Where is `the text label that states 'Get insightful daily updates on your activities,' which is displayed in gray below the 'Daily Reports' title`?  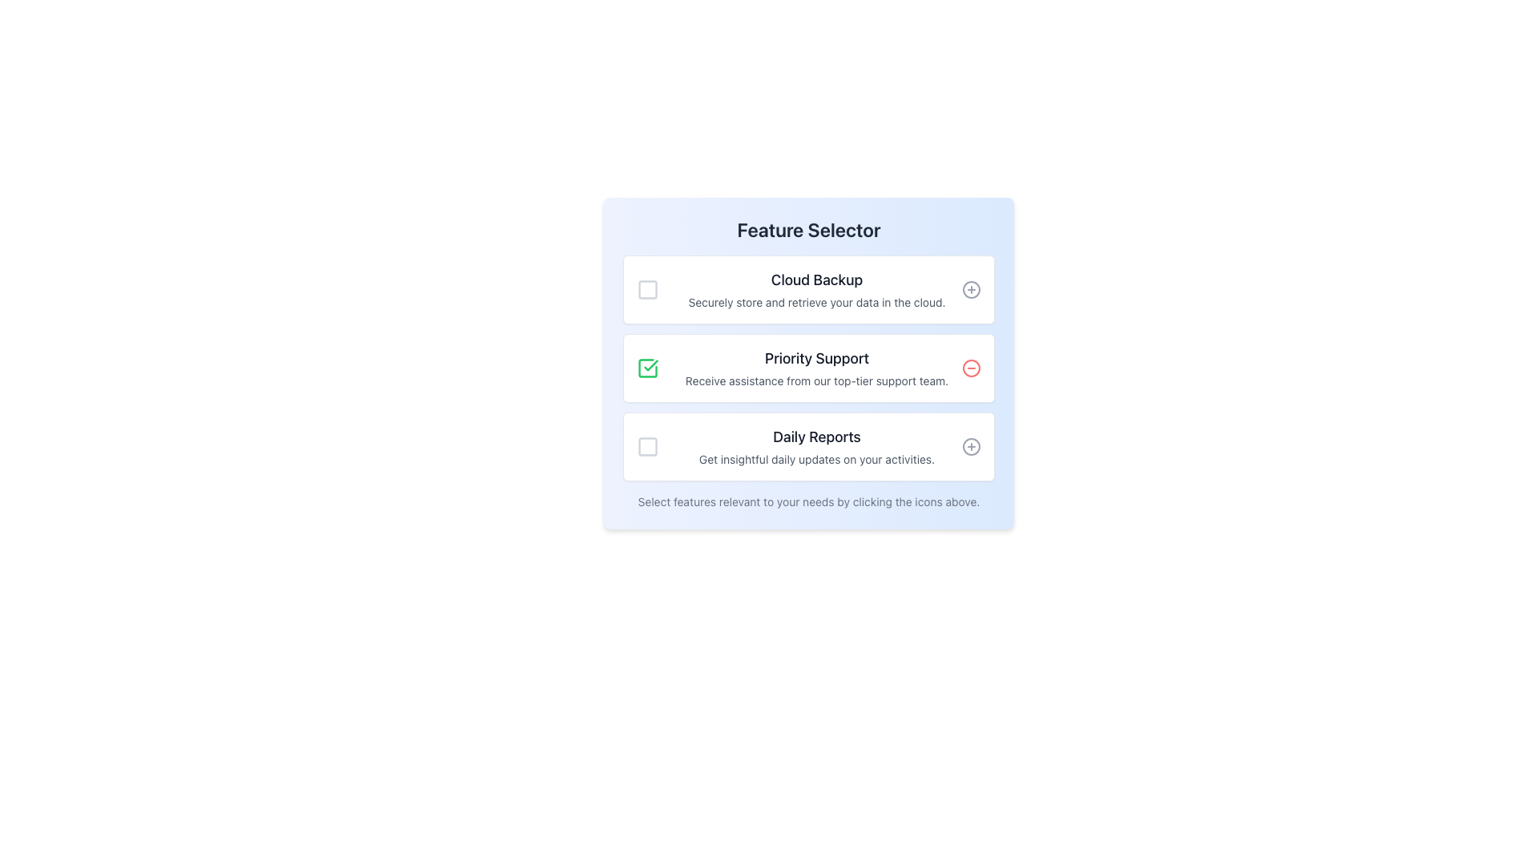 the text label that states 'Get insightful daily updates on your activities,' which is displayed in gray below the 'Daily Reports' title is located at coordinates (816, 460).